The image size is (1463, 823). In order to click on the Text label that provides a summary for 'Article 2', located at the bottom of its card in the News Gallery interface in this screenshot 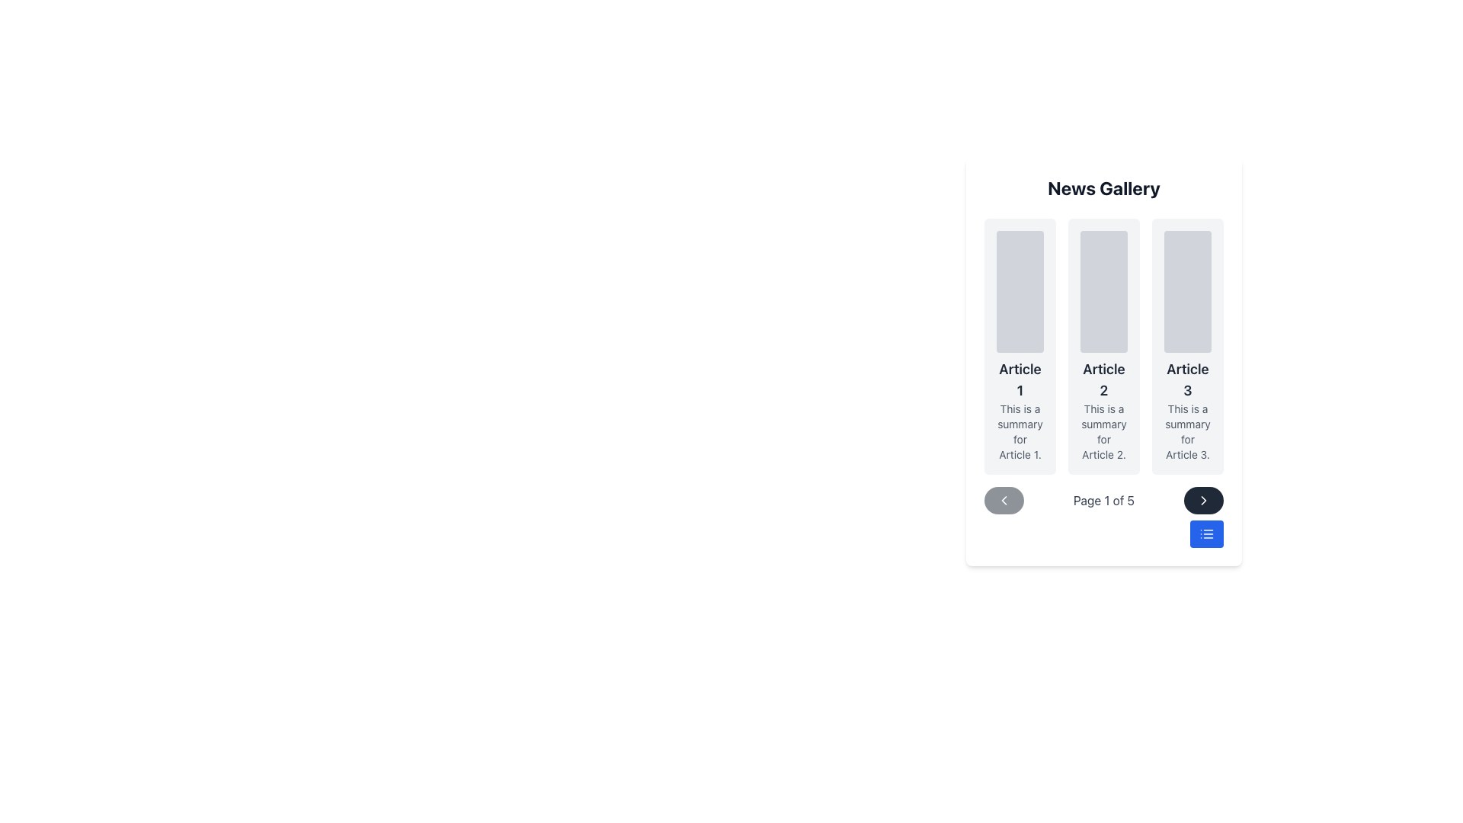, I will do `click(1104, 432)`.